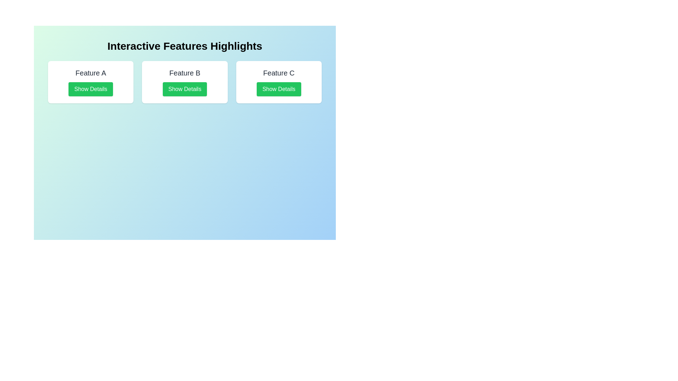  What do you see at coordinates (185, 73) in the screenshot?
I see `the static text label that displays the title or name of a feature, positioned above the 'Show Details' button in the middle feature block of a three-column layout` at bounding box center [185, 73].